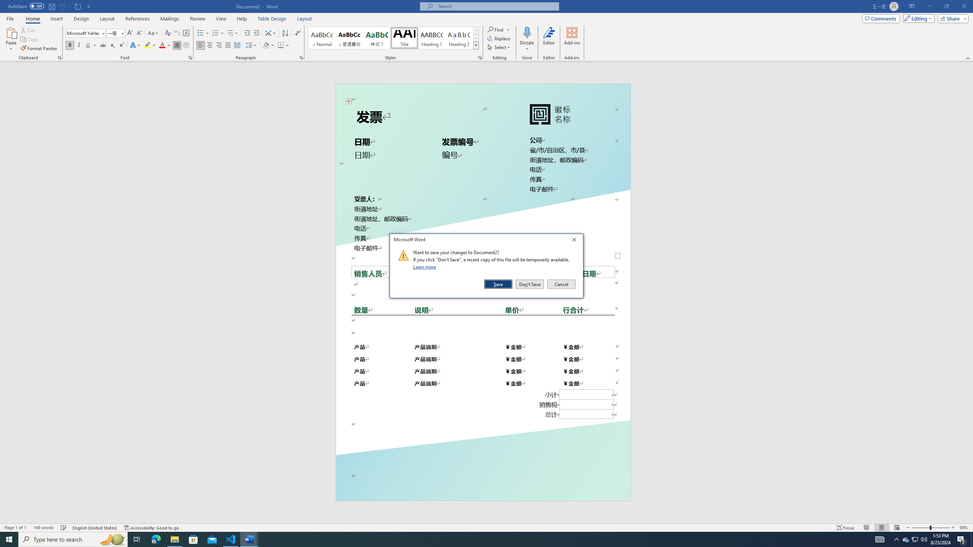 This screenshot has width=973, height=547. I want to click on 'AutomationID: QuickStylesGallery', so click(393, 38).